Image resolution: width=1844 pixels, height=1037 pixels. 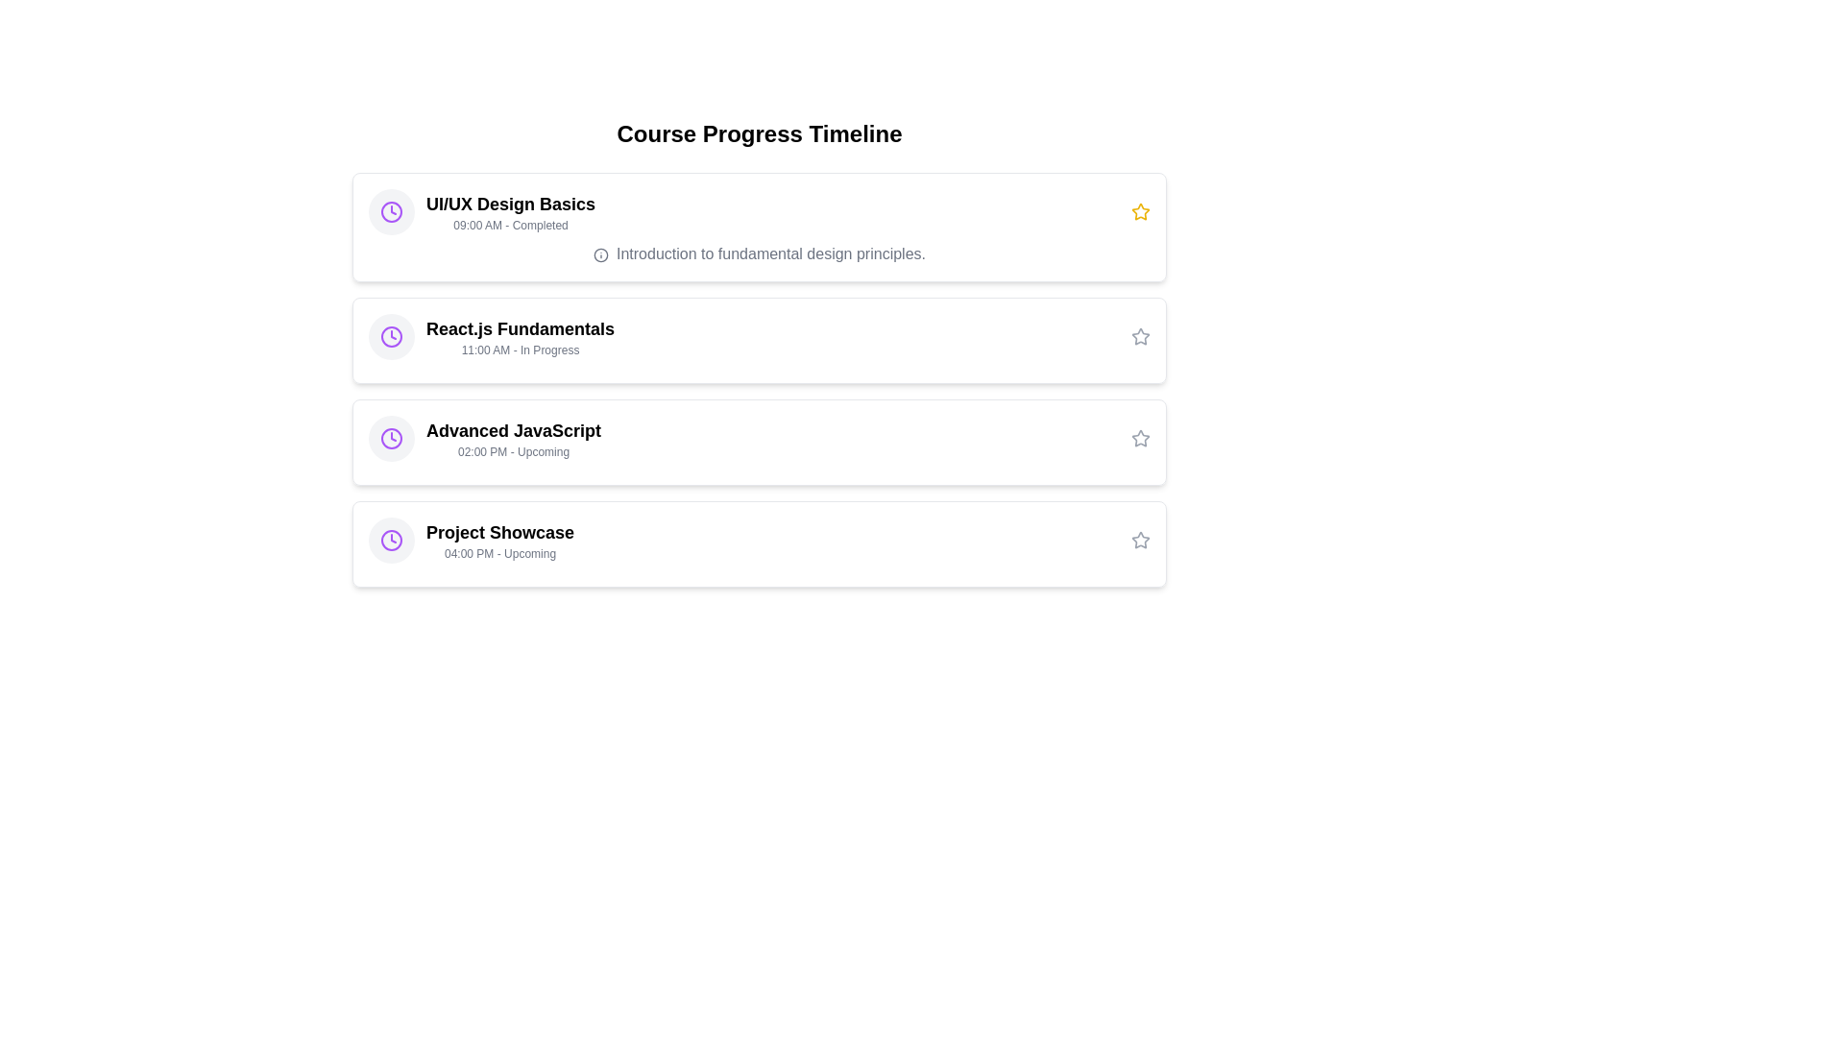 I want to click on the text label displaying 'Advanced JavaScript' and its subtitle '02:00 PM - Upcoming', which is the third item in the course progress timeline, so click(x=514, y=438).